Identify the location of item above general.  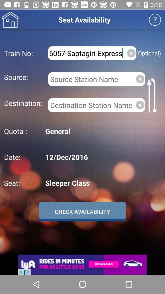
(152, 95).